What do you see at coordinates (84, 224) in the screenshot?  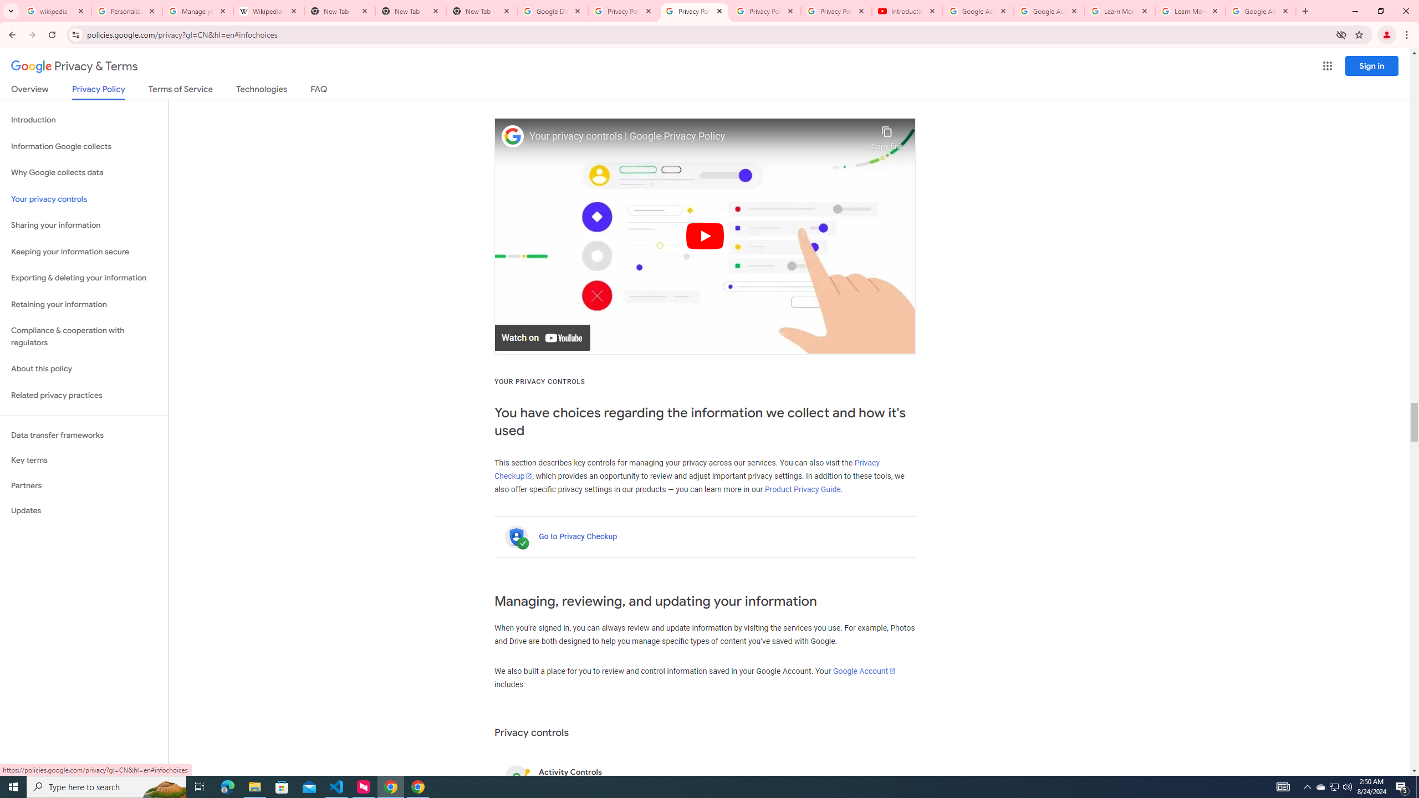 I see `'Sharing your information'` at bounding box center [84, 224].